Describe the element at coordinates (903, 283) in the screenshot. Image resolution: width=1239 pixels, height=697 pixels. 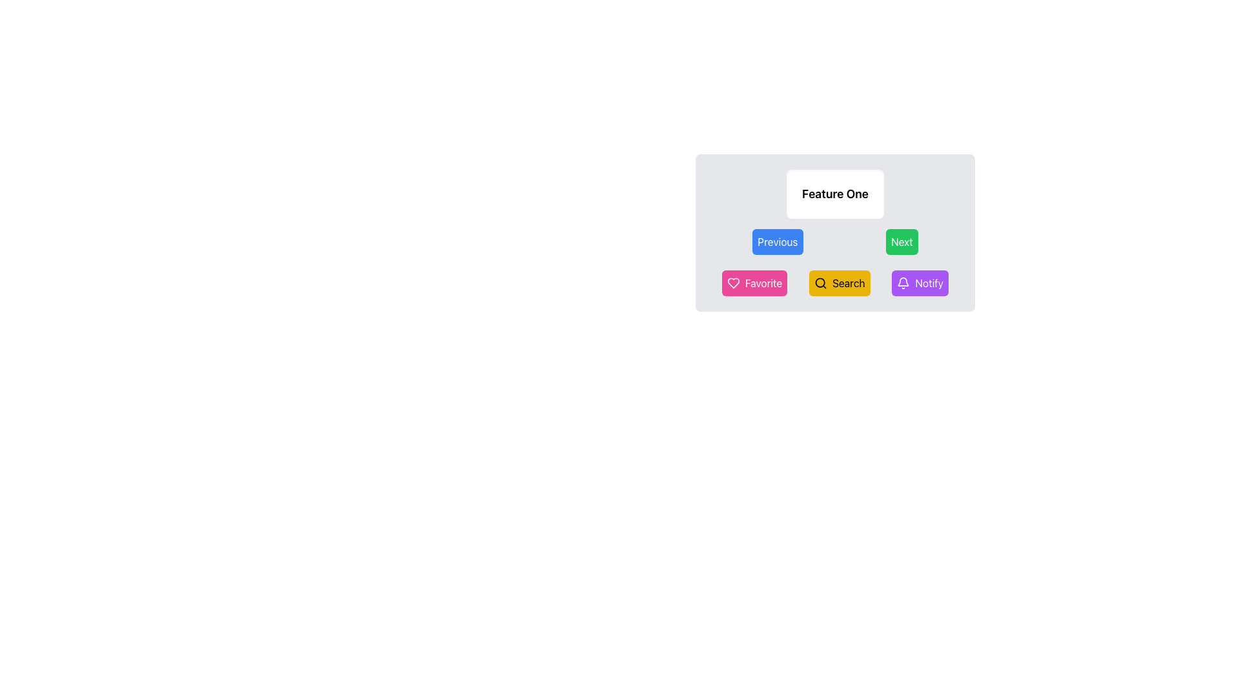
I see `the bell icon located within a purple circular background, next to the 'Notify' label` at that location.